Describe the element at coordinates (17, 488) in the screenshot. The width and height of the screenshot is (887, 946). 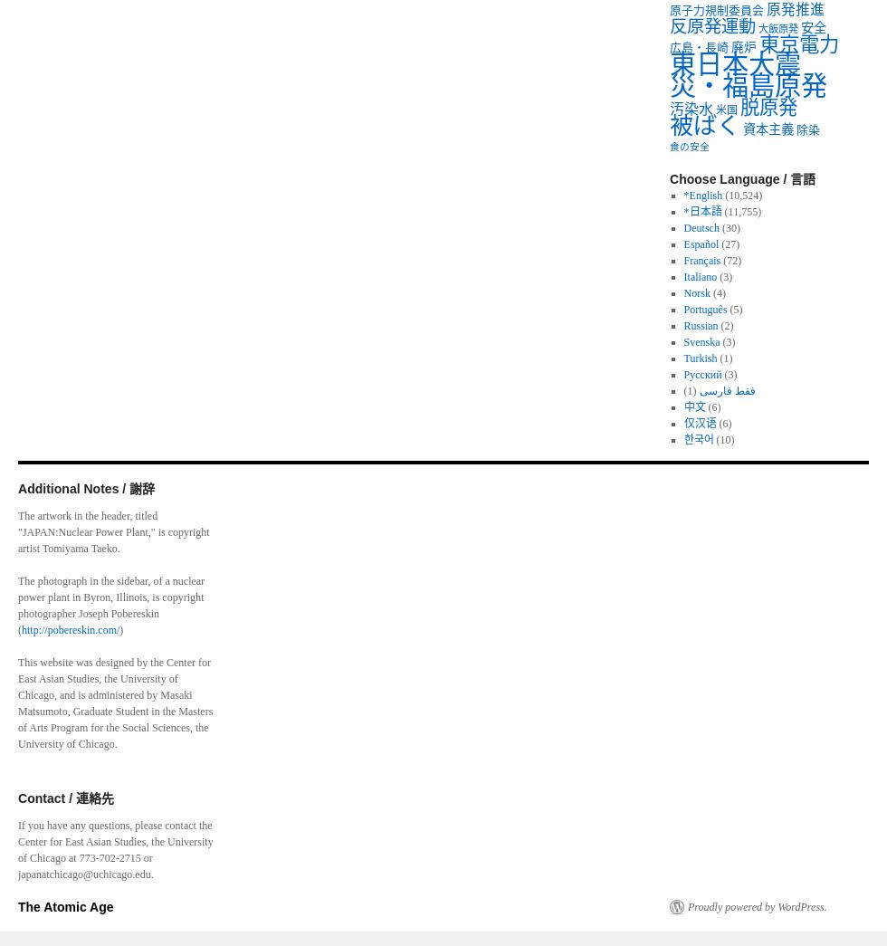
I see `'Additional Notes / 謝辞'` at that location.